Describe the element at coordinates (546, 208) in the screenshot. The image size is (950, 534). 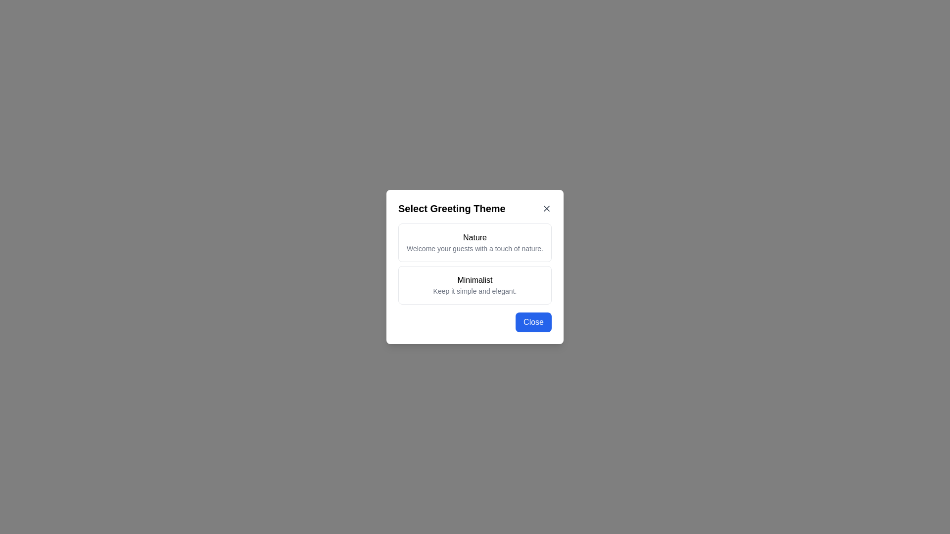
I see `the Icon Button located to the far right of the 'Select Greeting Theme' text in the modal dialog header` at that location.